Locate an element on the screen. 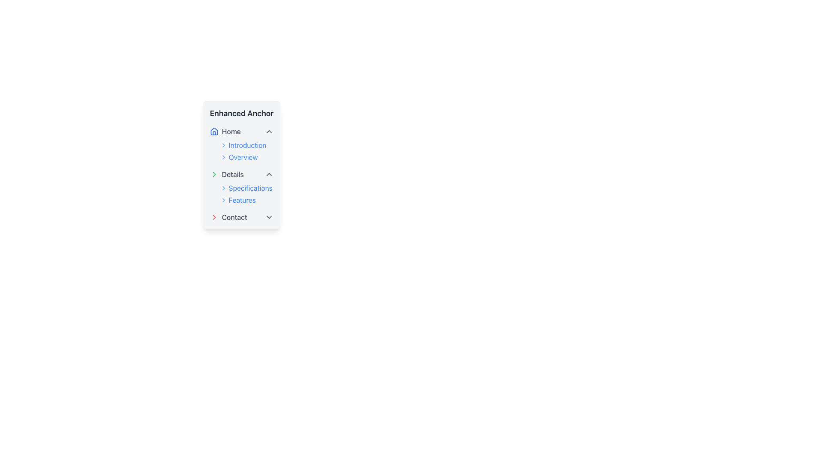 The width and height of the screenshot is (823, 463). the 'Introduction' hyperlink styled in blue with a chevron icon on the left is located at coordinates (246, 145).